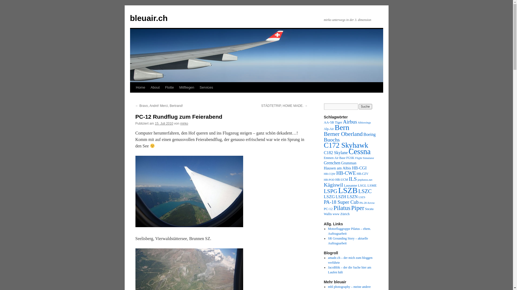  Describe the element at coordinates (323, 129) in the screenshot. I see `'Alp-Air'` at that location.